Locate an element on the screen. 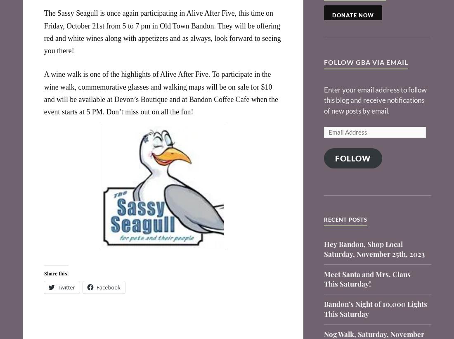 This screenshot has height=339, width=454. 'Hey Bandon, Shop Local Saturday, November 25th, 2023' is located at coordinates (374, 249).